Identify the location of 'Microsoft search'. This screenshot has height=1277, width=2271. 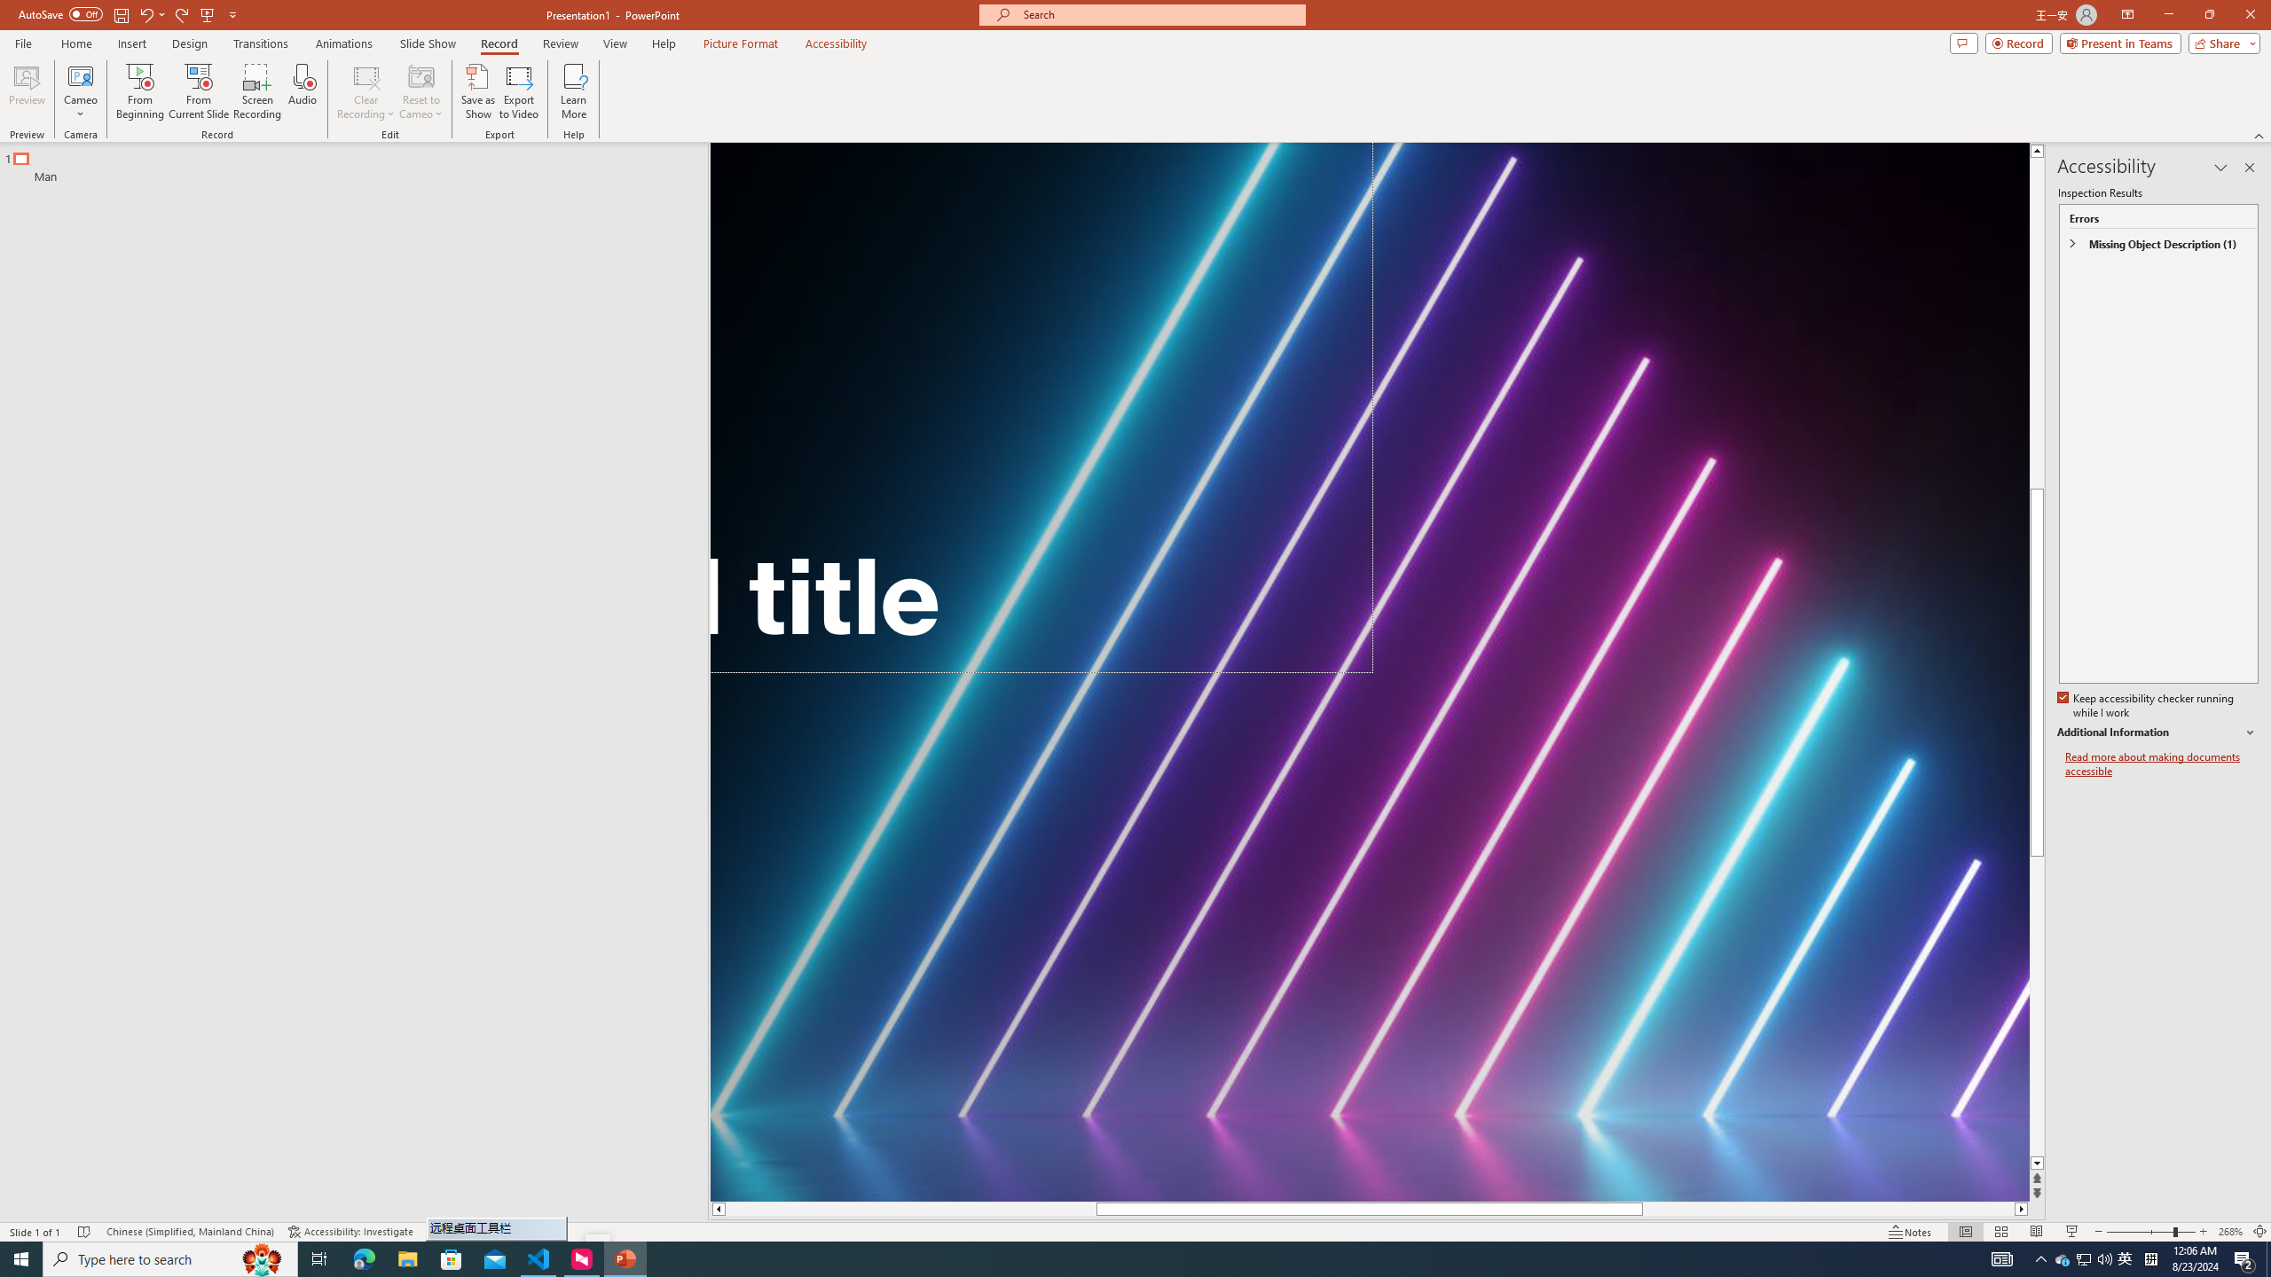
(1157, 14).